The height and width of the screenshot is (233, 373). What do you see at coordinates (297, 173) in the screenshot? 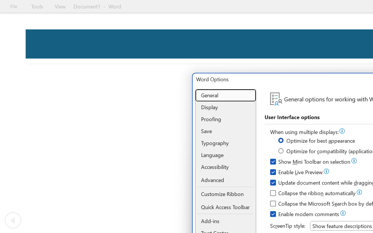
I see `'Enable Live Preview'` at bounding box center [297, 173].